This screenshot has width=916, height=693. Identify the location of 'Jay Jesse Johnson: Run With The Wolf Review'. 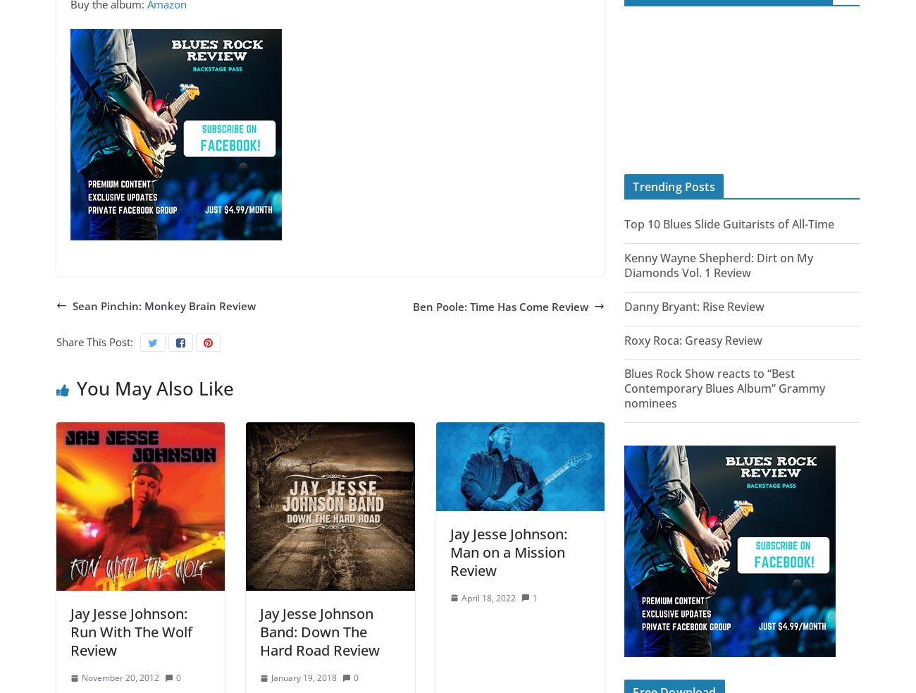
(131, 632).